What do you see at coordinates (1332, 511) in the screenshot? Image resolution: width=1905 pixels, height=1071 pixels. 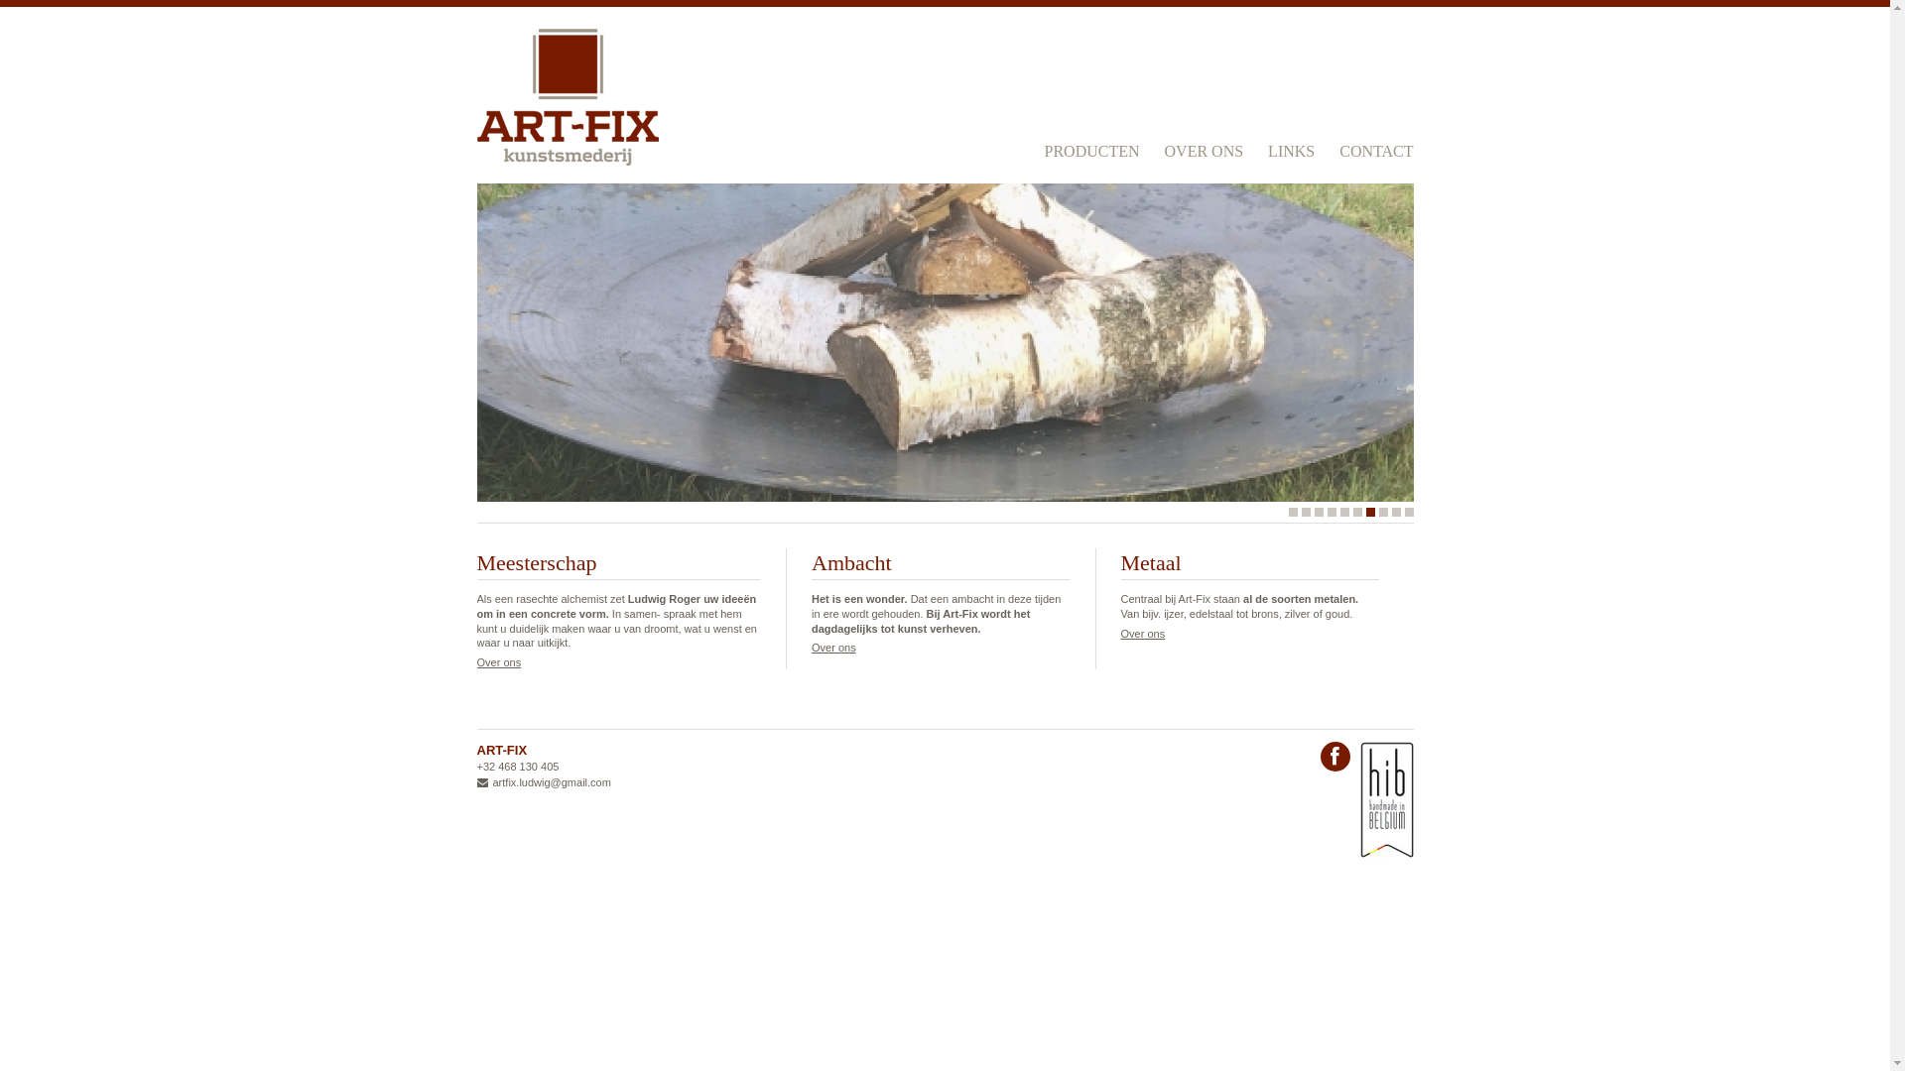 I see `'4'` at bounding box center [1332, 511].